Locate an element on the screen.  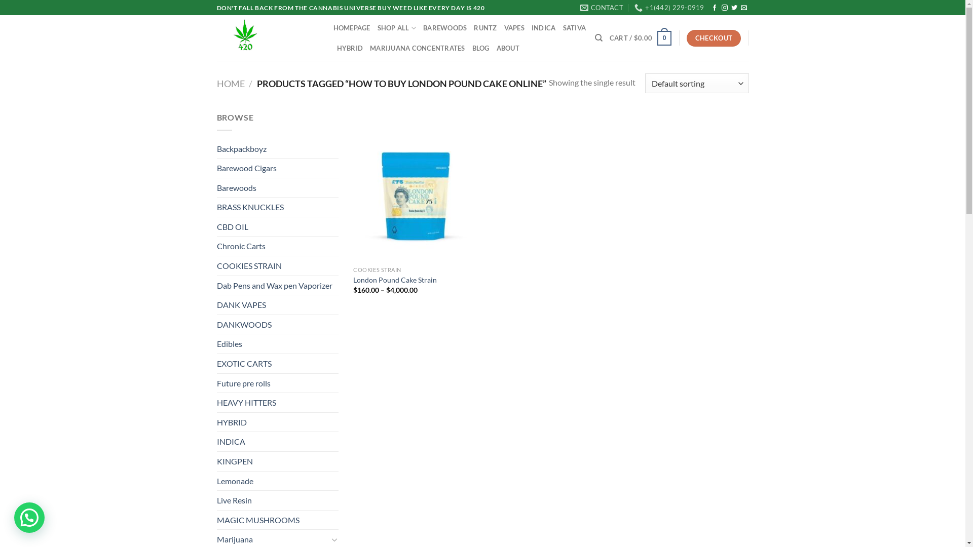
'CART / $0.00 is located at coordinates (609, 38).